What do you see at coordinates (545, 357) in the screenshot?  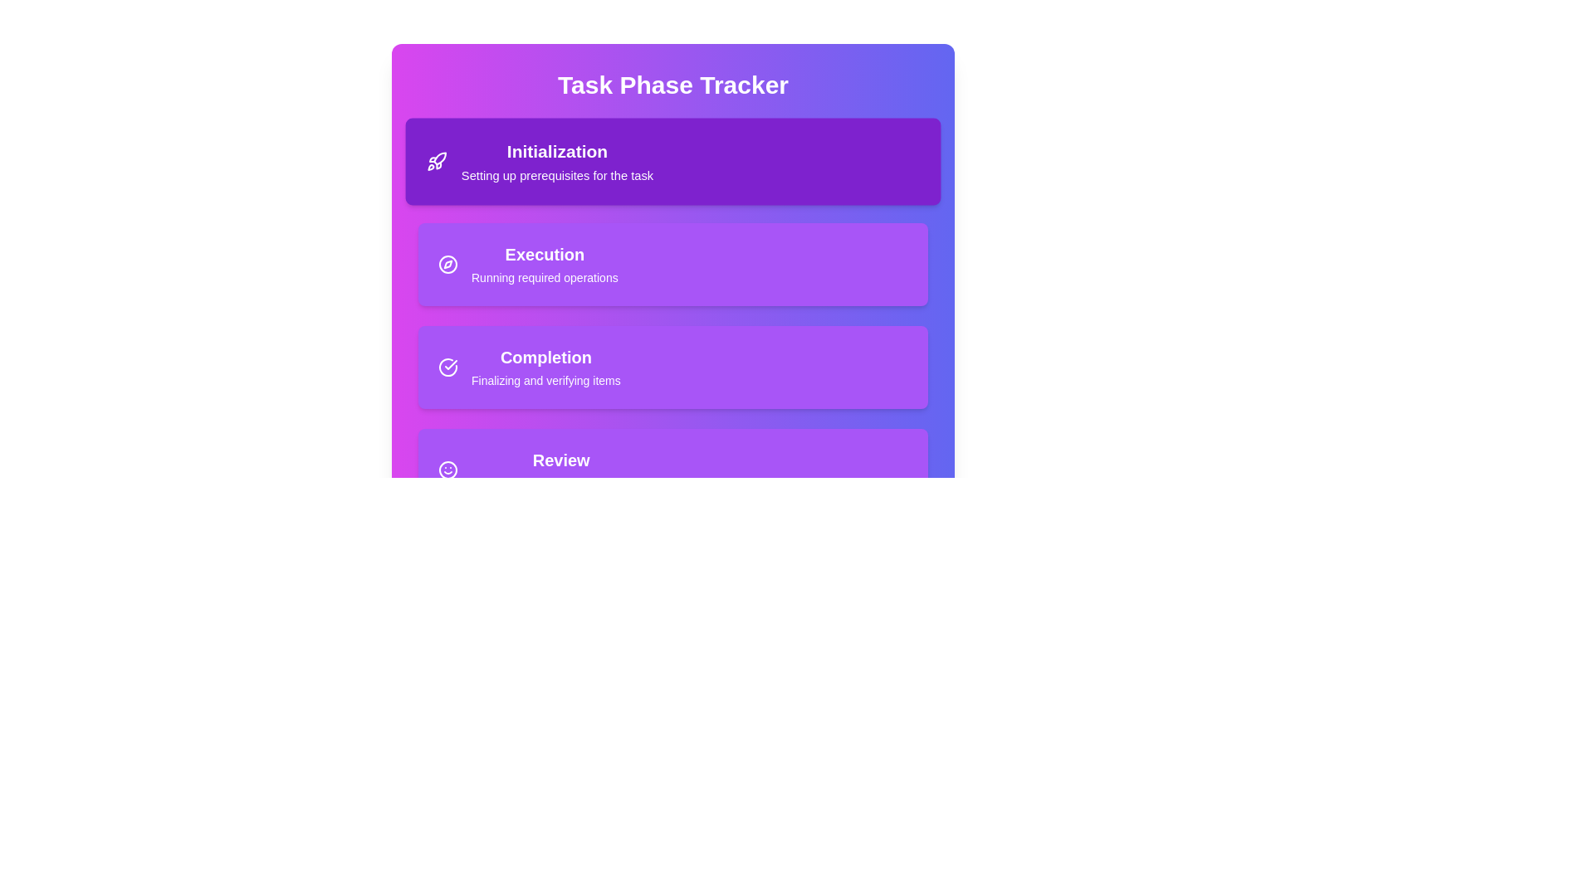 I see `the 'Completion' phase label, which is the bold title in the third item of the vertical list of task phases, located between 'Execution' and 'Review'` at bounding box center [545, 357].